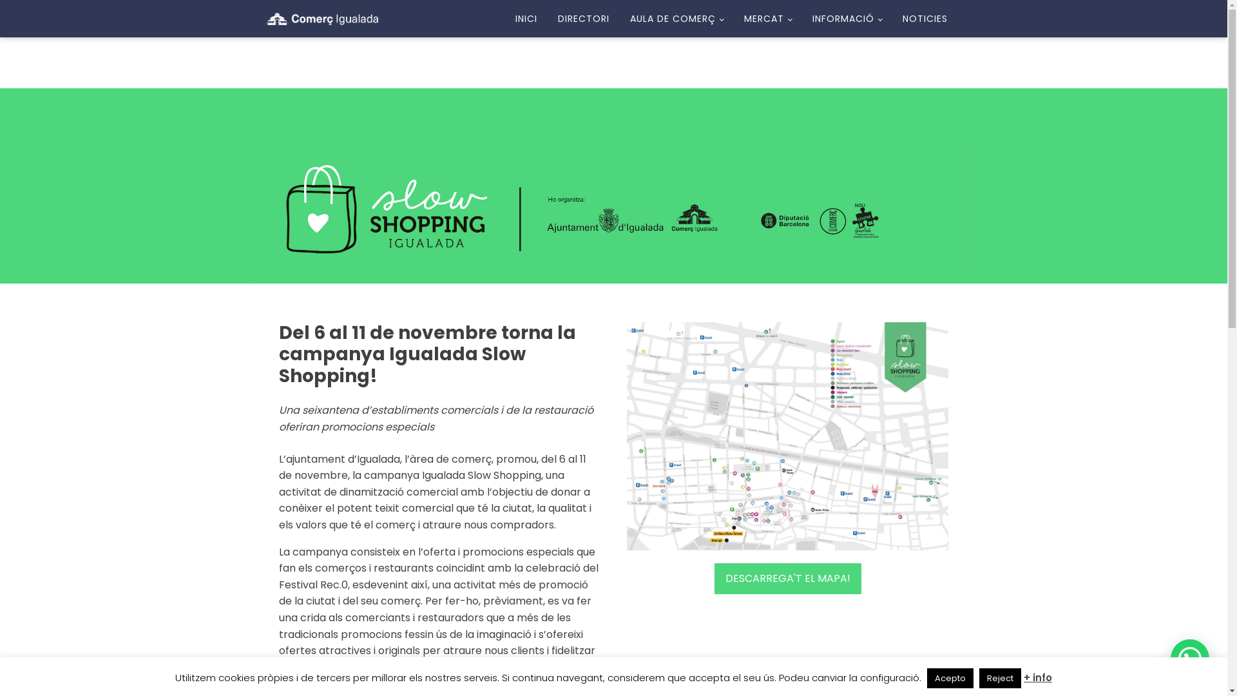 The height and width of the screenshot is (696, 1237). What do you see at coordinates (999, 677) in the screenshot?
I see `'Reject'` at bounding box center [999, 677].